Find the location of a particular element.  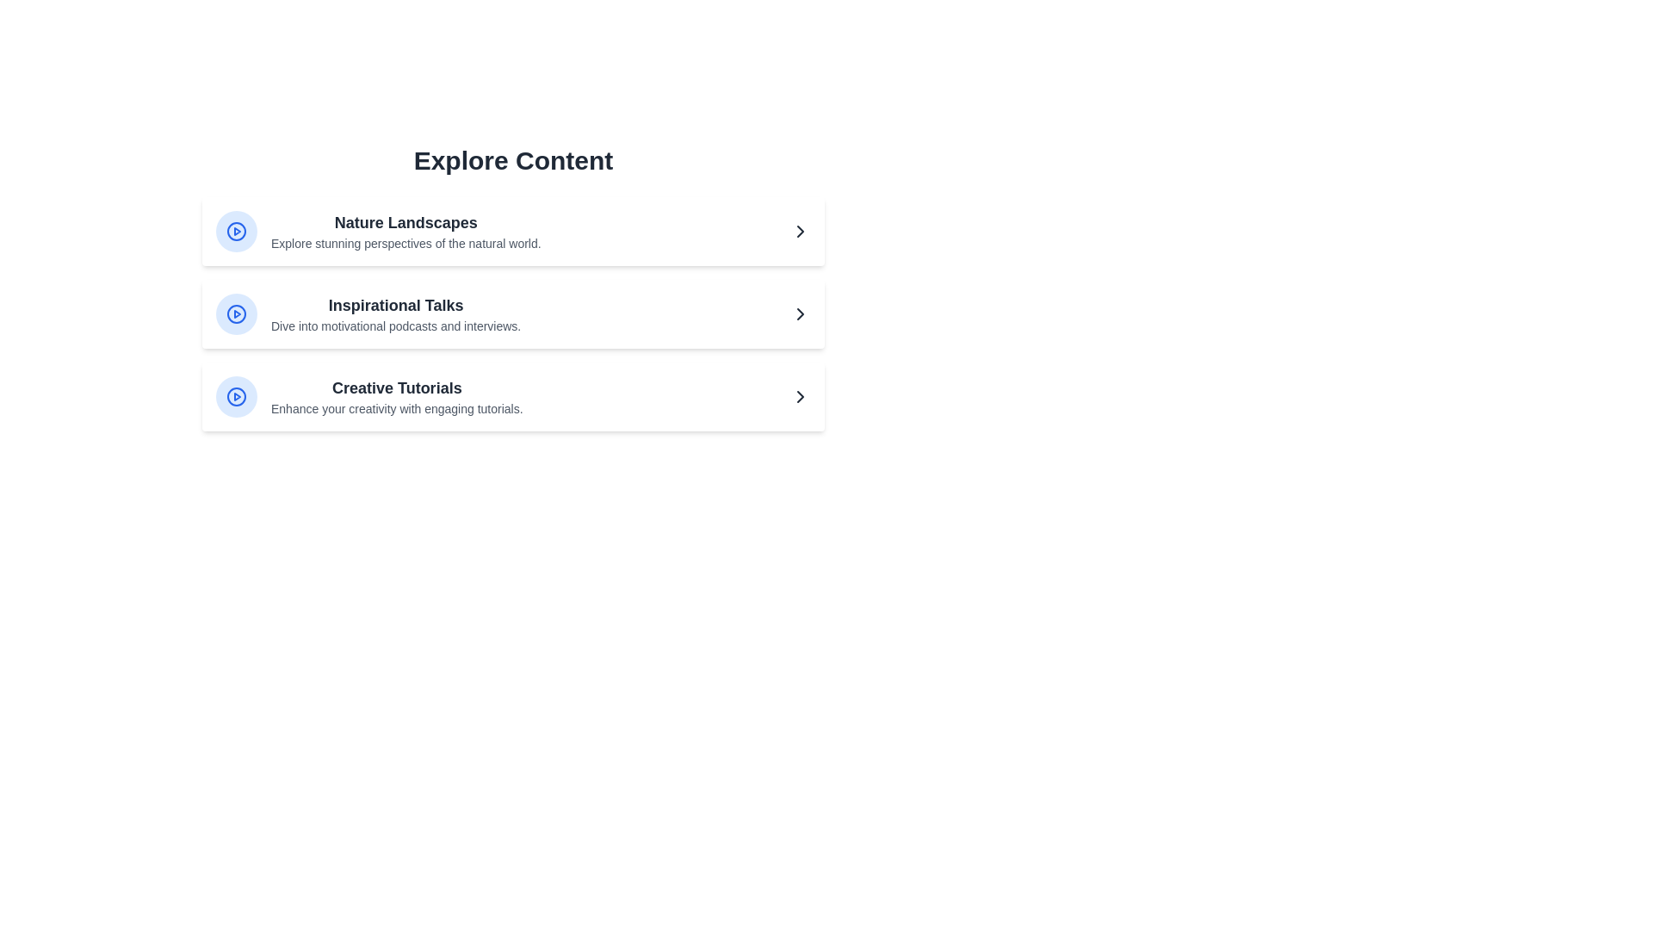

the text of Creative Tutorials in the MediaList component is located at coordinates (396, 388).